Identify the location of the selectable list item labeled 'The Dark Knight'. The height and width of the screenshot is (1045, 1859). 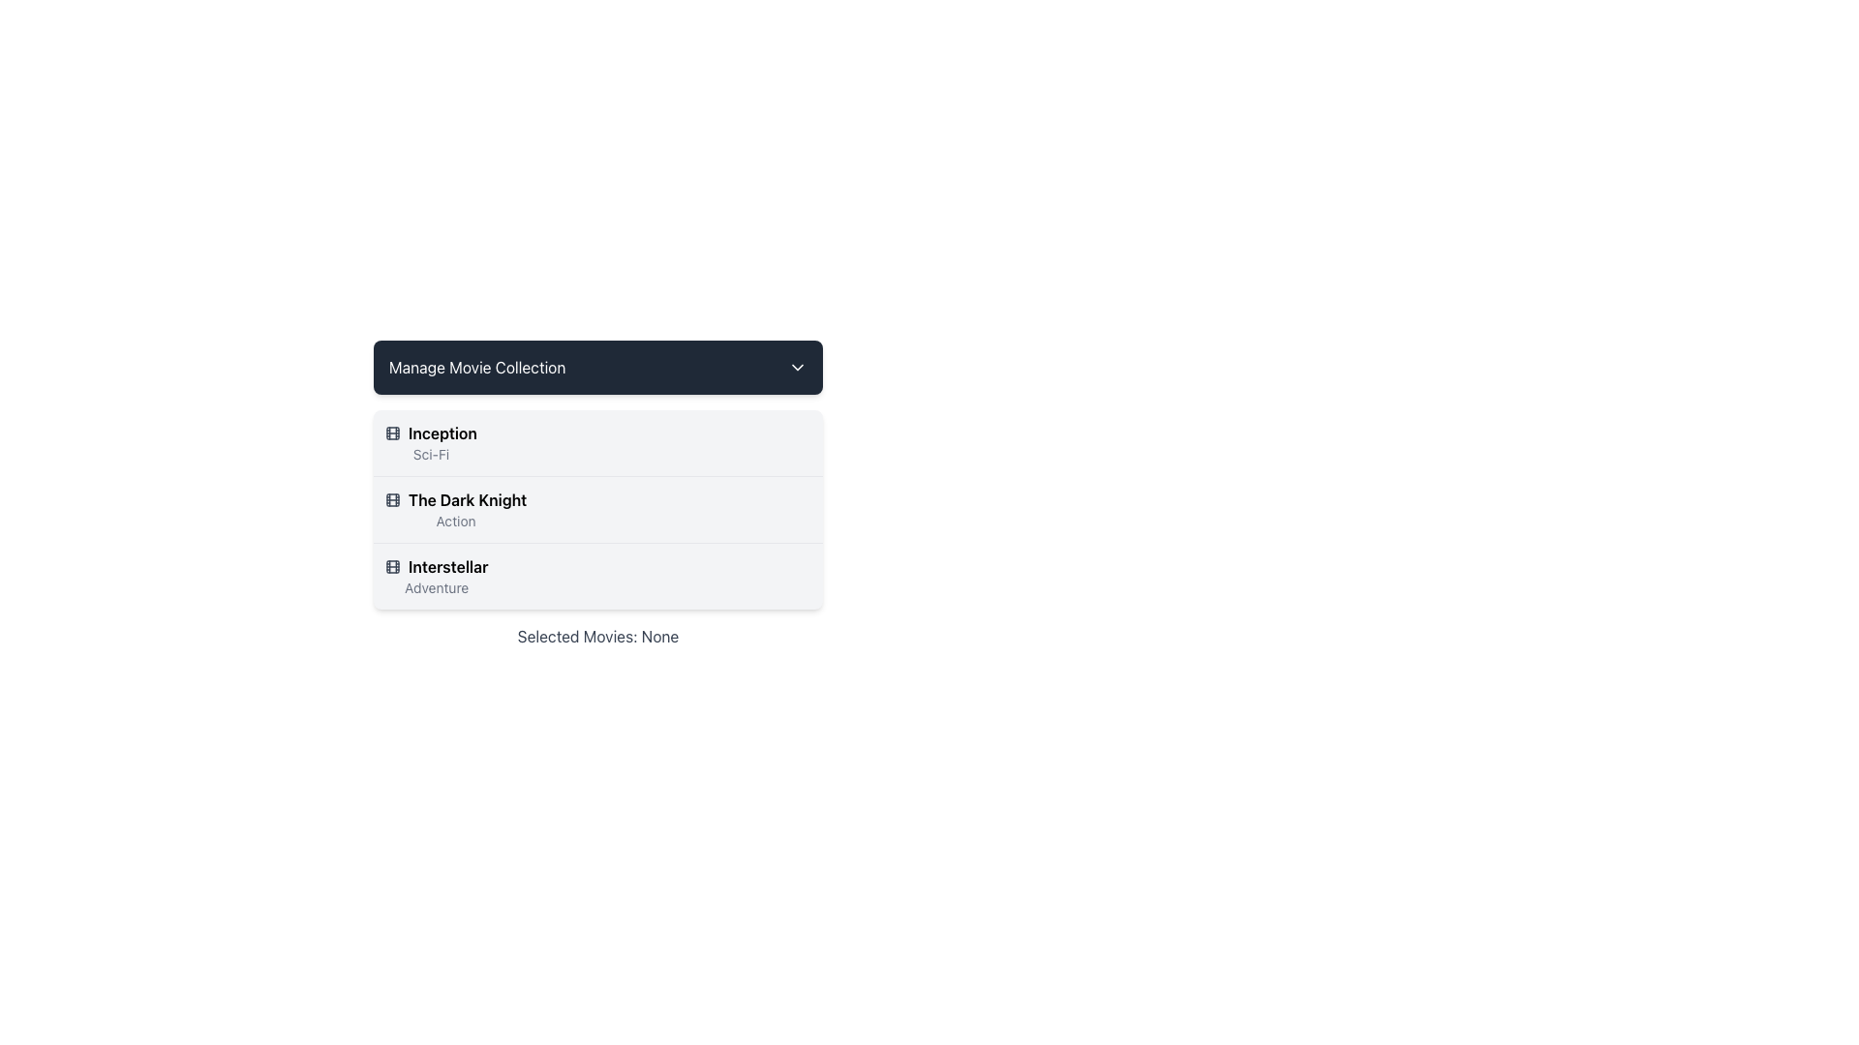
(597, 493).